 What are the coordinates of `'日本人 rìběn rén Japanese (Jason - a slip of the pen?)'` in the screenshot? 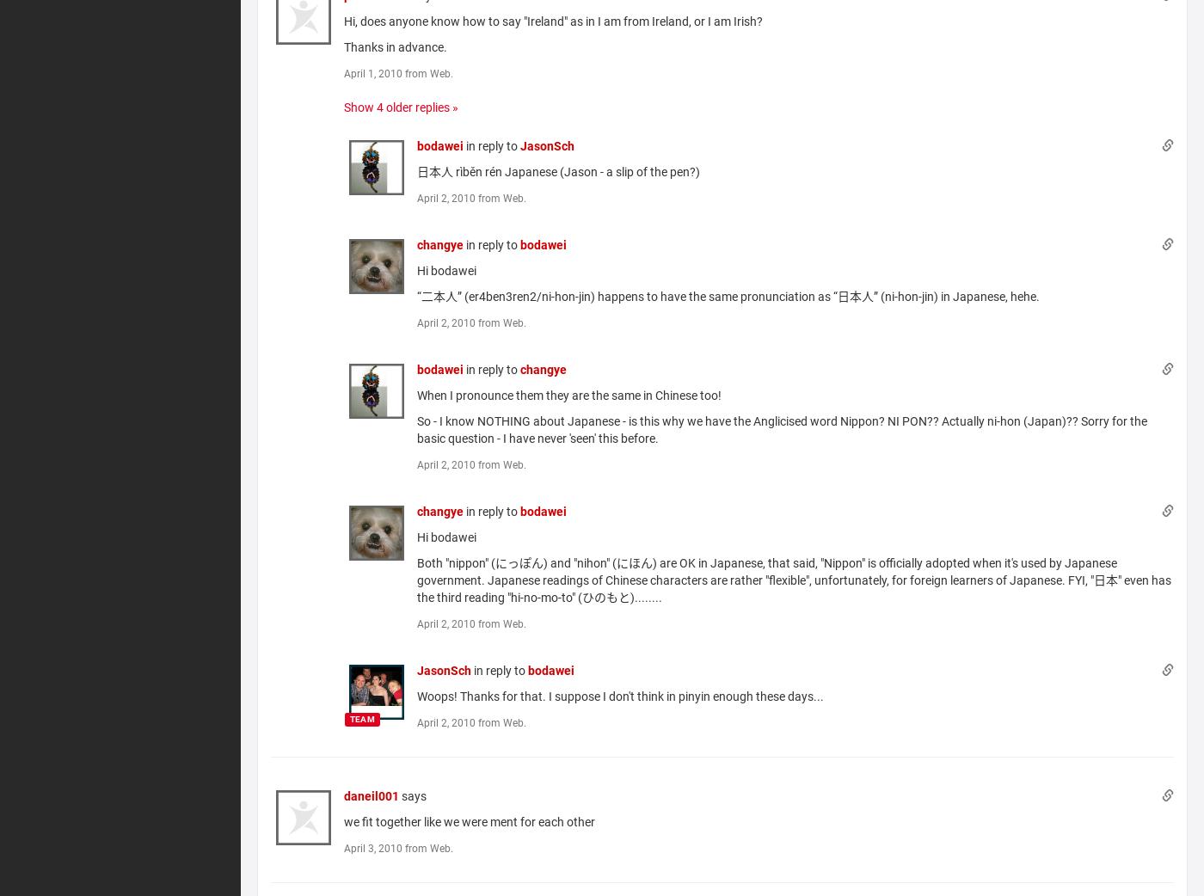 It's located at (558, 170).